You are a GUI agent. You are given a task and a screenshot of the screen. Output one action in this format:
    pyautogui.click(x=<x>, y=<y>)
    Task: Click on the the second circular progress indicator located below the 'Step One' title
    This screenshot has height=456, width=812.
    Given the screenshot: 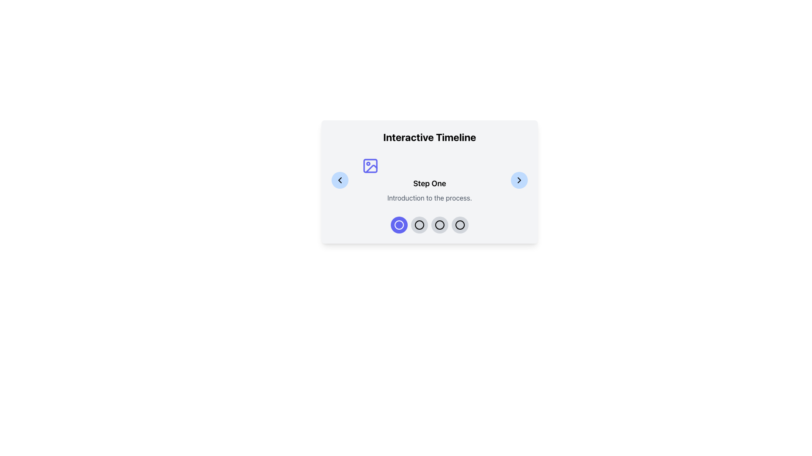 What is the action you would take?
    pyautogui.click(x=420, y=224)
    